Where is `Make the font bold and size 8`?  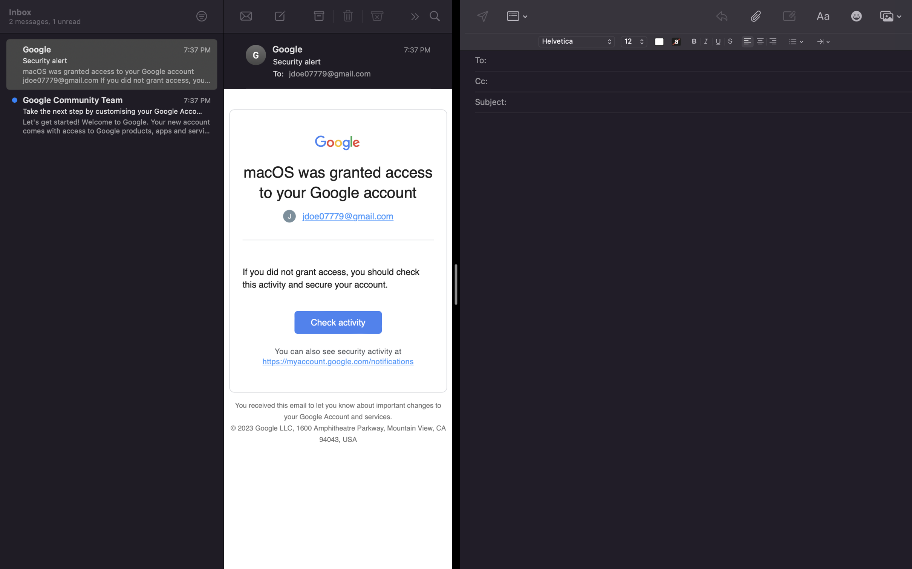 Make the font bold and size 8 is located at coordinates (694, 41).